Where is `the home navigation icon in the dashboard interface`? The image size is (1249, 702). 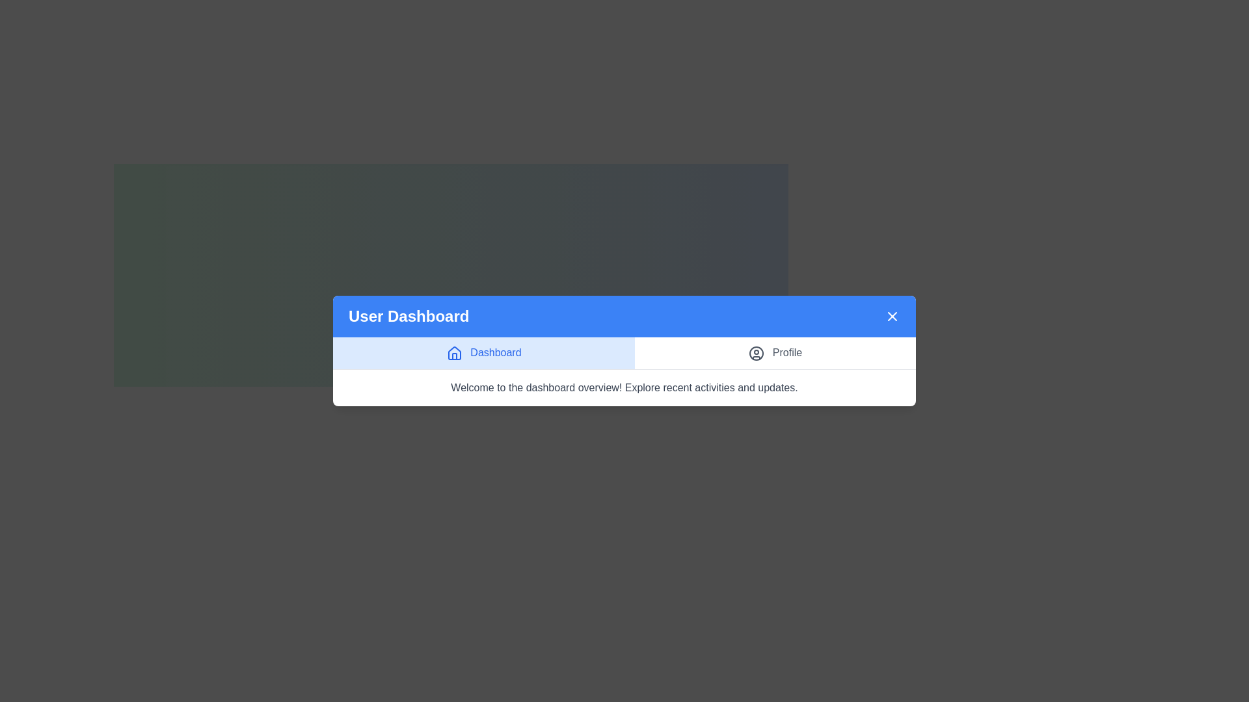 the home navigation icon in the dashboard interface is located at coordinates (454, 353).